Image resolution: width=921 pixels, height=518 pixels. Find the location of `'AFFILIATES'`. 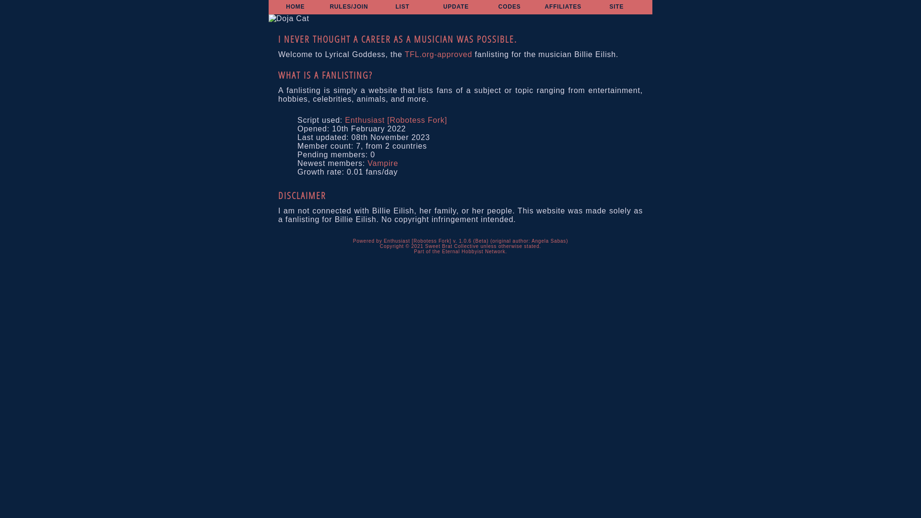

'AFFILIATES' is located at coordinates (563, 7).